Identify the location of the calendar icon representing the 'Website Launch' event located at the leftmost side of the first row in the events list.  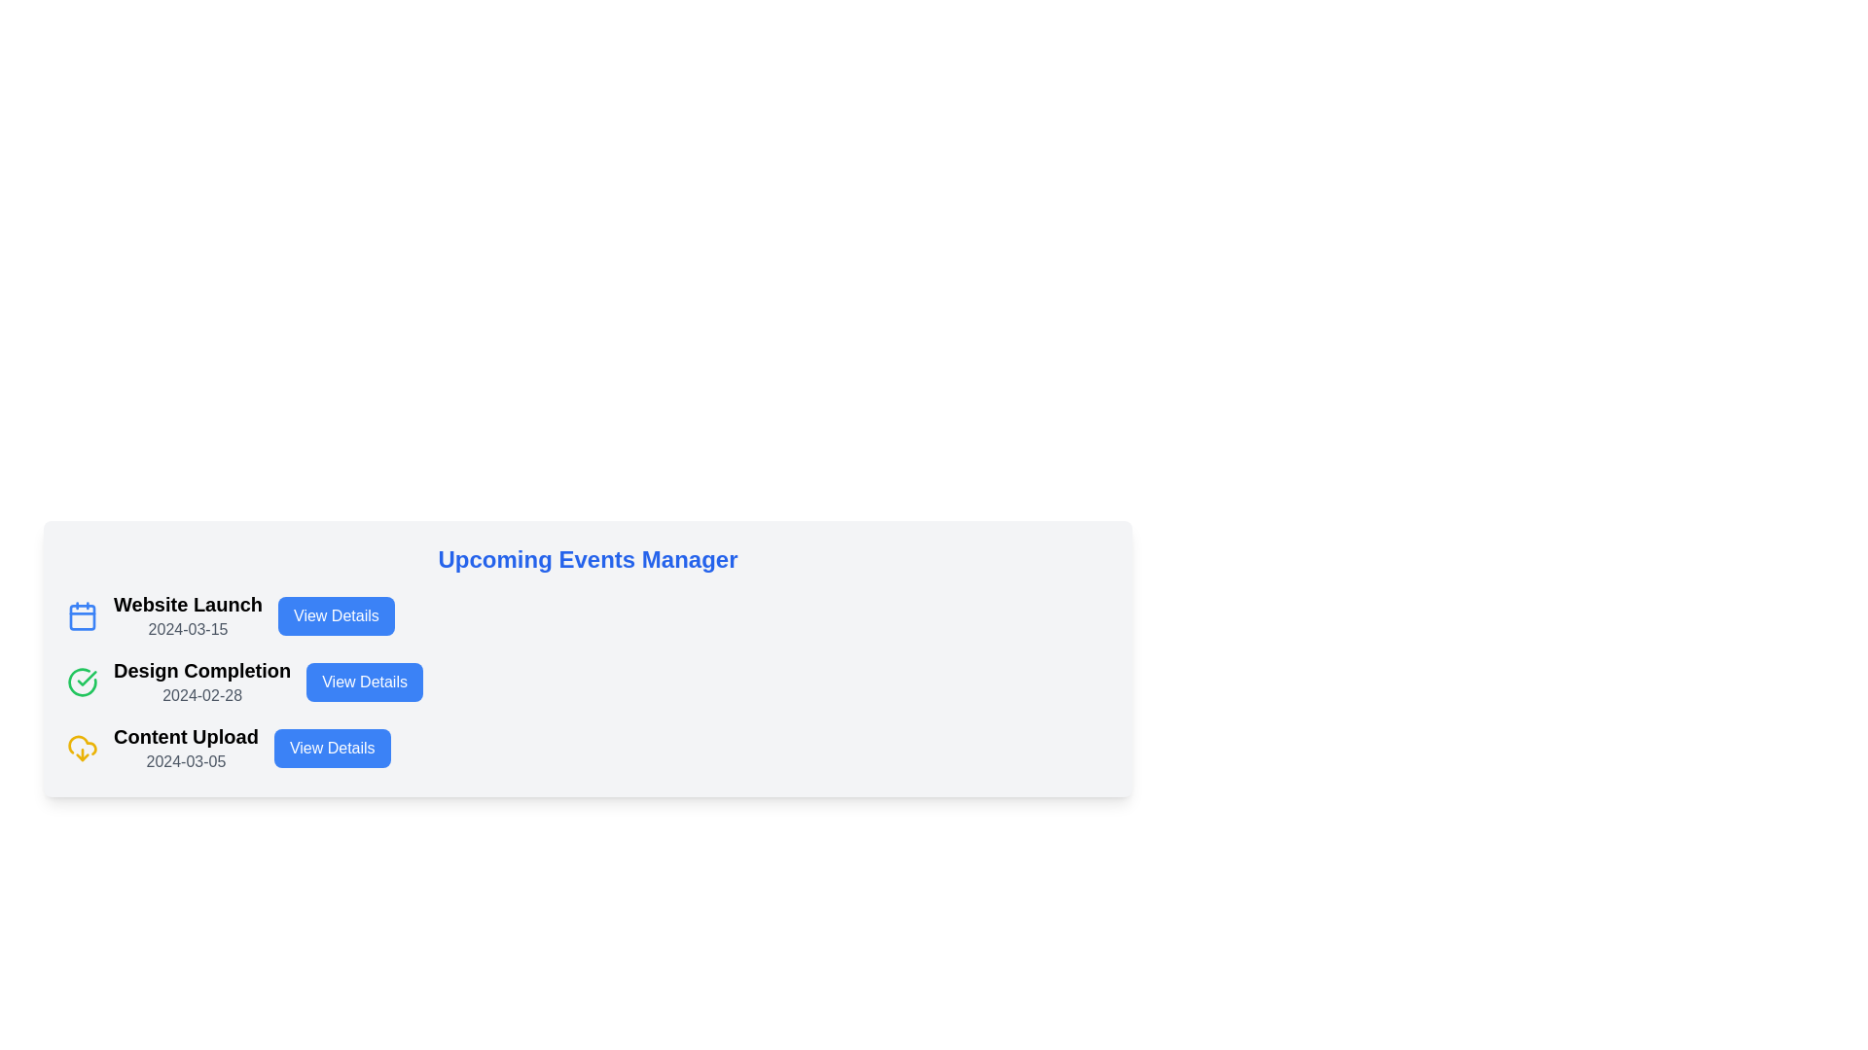
(82, 615).